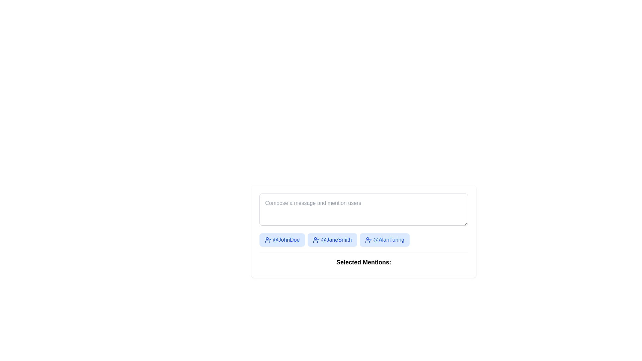 The width and height of the screenshot is (642, 361). What do you see at coordinates (316, 239) in the screenshot?
I see `the user avatar icon with a checkmark next to the '@JaneSmith' text chip, which has a blue outline and a white background` at bounding box center [316, 239].